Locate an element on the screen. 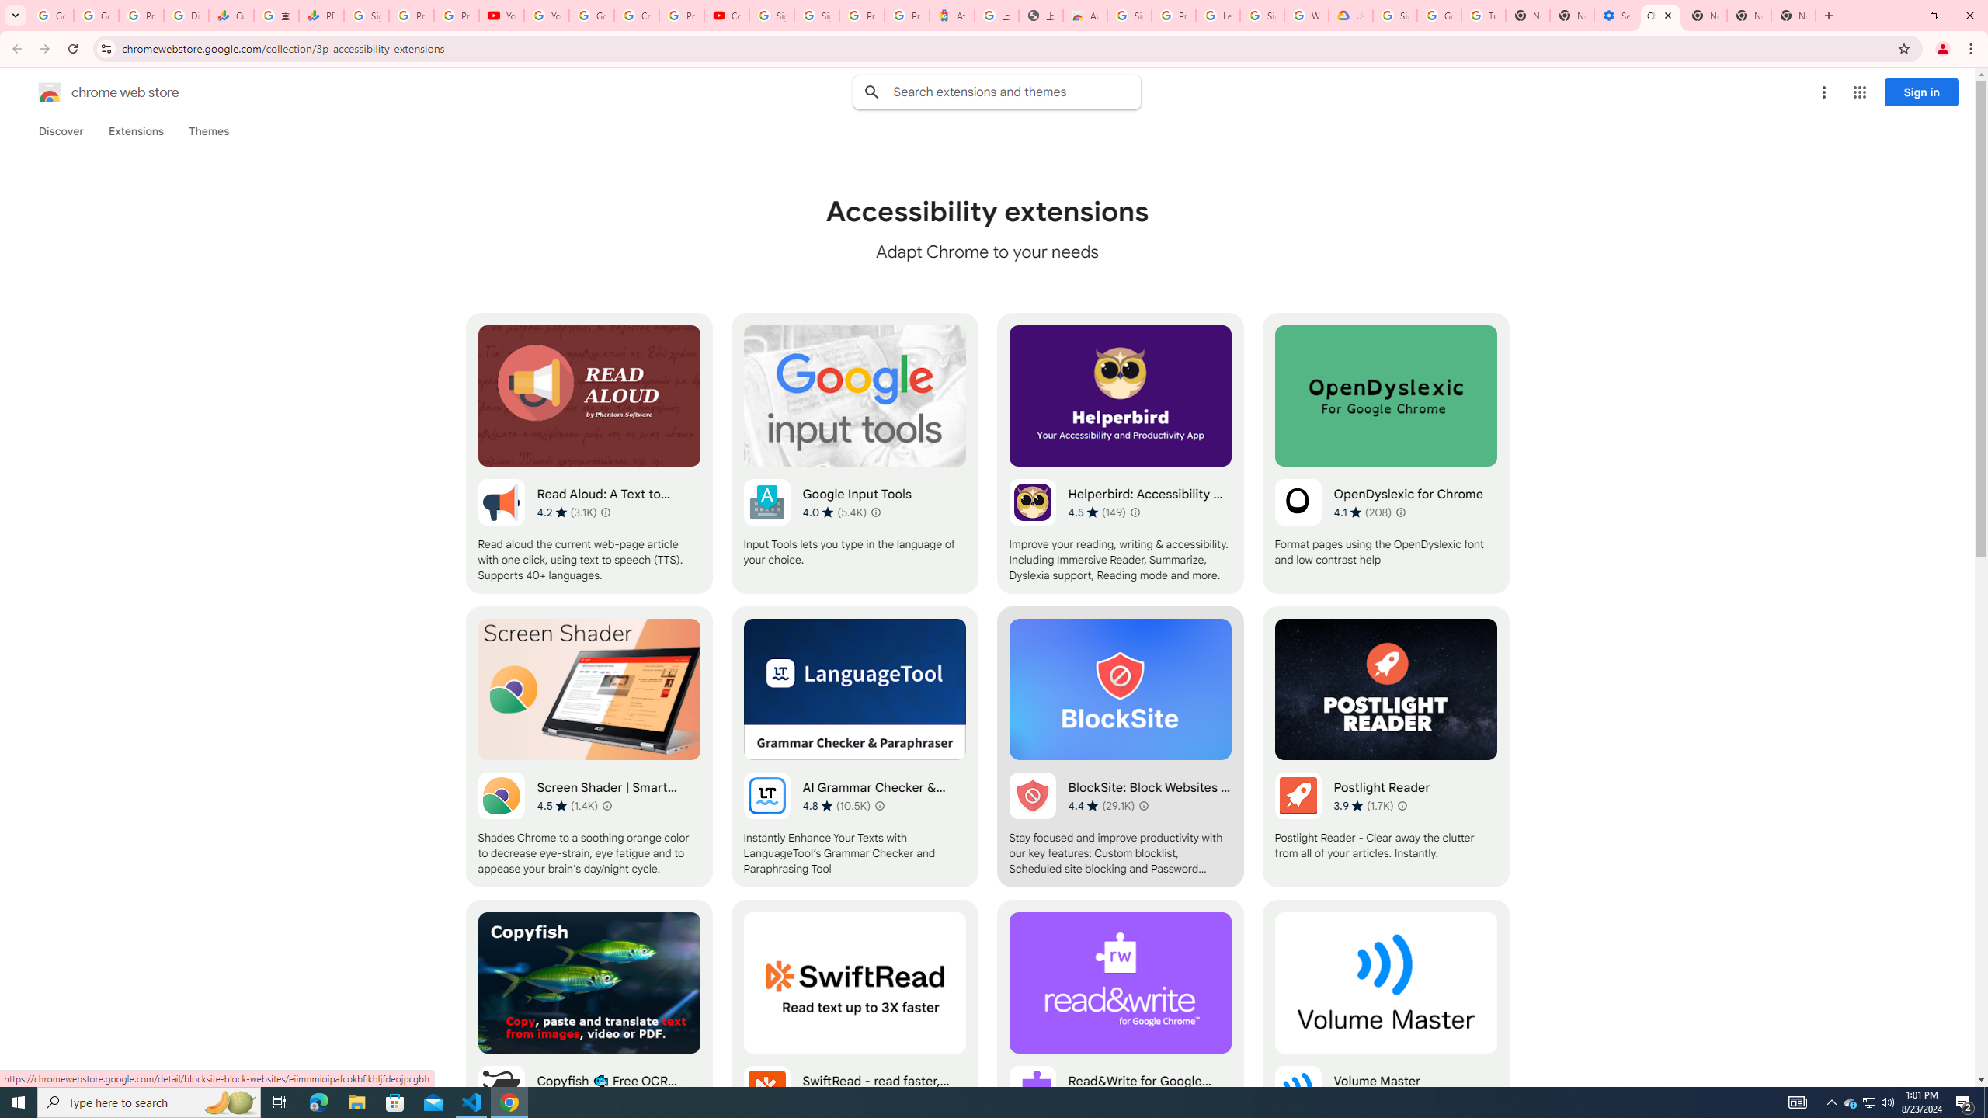 The width and height of the screenshot is (1988, 1118). 'Chrome Web Store - Accessibility extensions' is located at coordinates (1660, 15).